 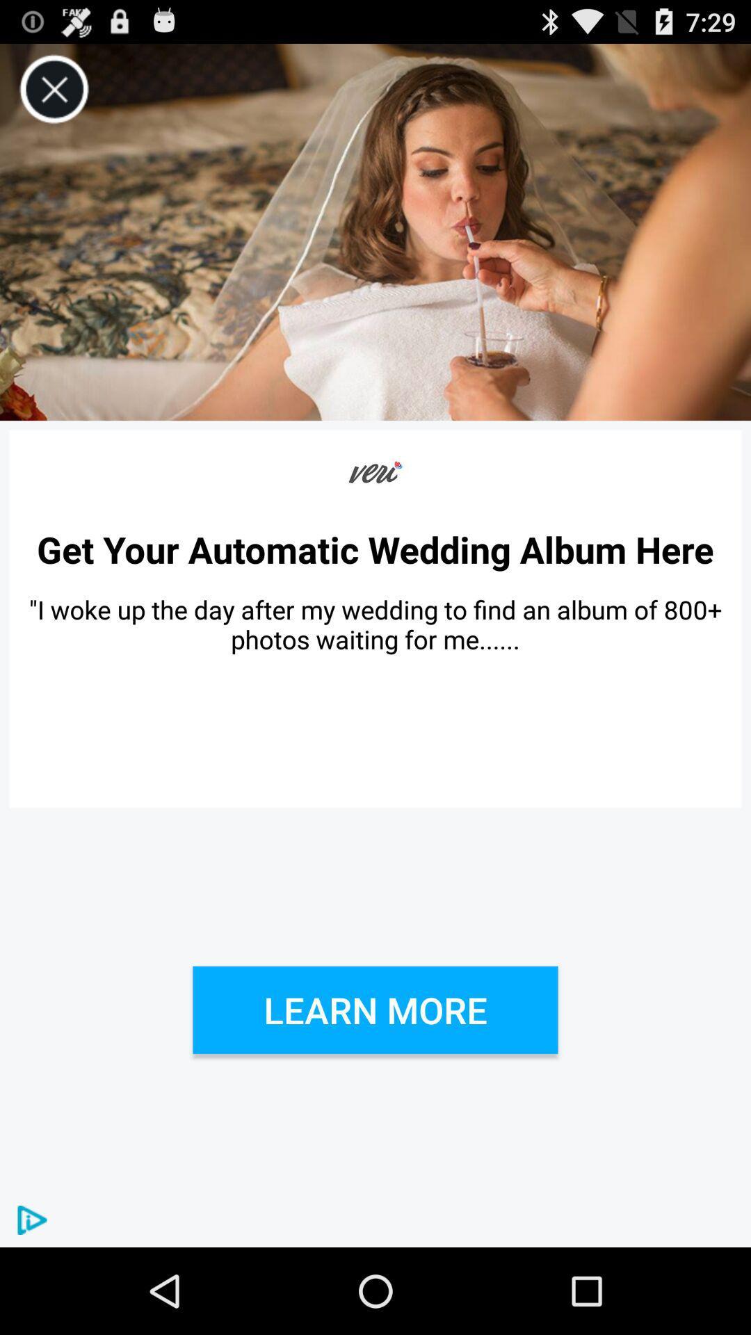 What do you see at coordinates (375, 473) in the screenshot?
I see `icon above get your automatic app` at bounding box center [375, 473].